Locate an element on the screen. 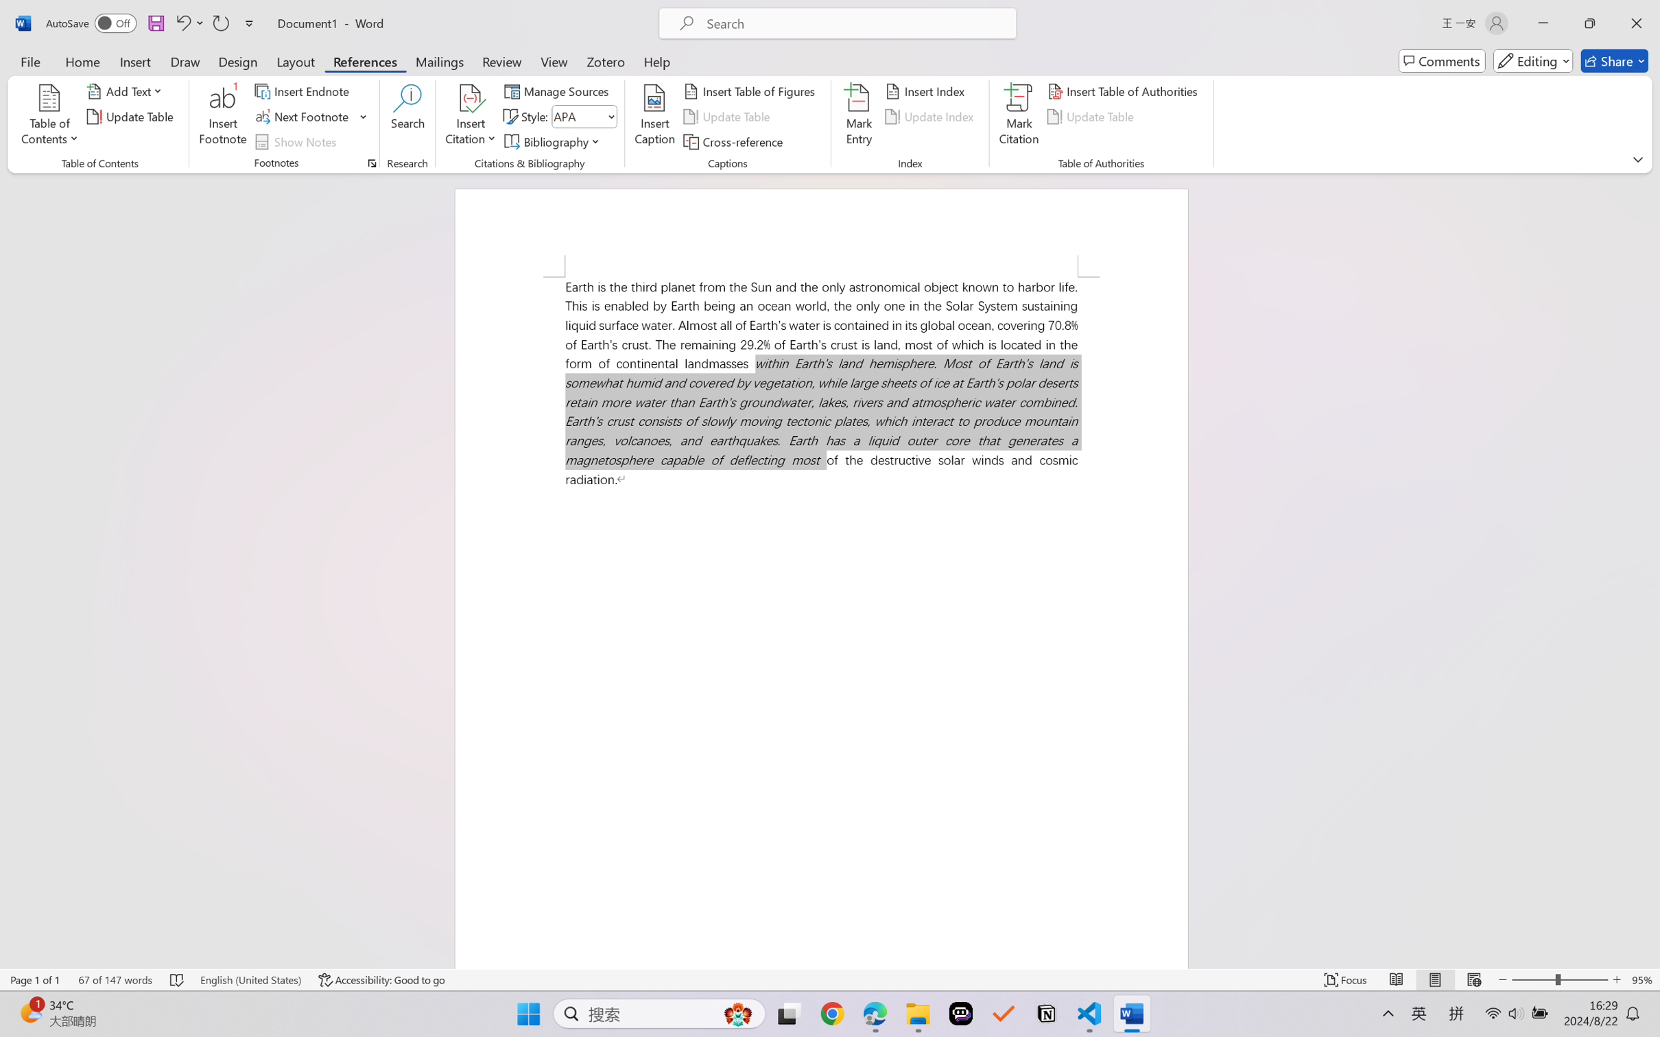 The width and height of the screenshot is (1660, 1037). 'Show Notes' is located at coordinates (298, 142).